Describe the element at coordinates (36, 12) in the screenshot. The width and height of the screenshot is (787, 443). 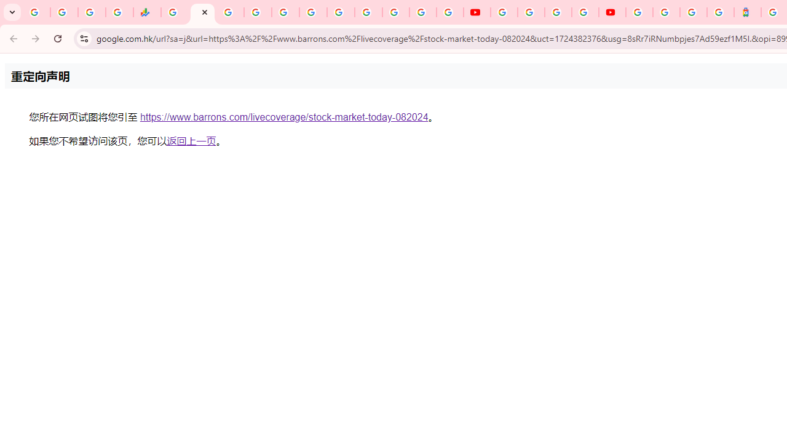
I see `'Google Workspace Admin Community'` at that location.